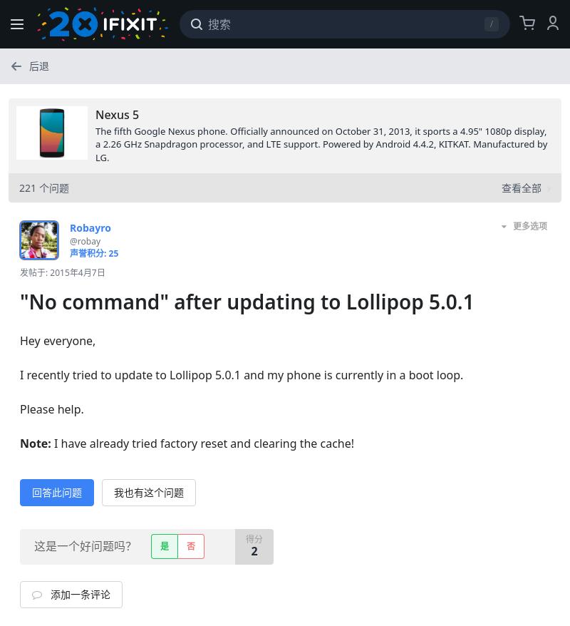 The width and height of the screenshot is (570, 626). Describe the element at coordinates (51, 408) in the screenshot. I see `'Please help.'` at that location.